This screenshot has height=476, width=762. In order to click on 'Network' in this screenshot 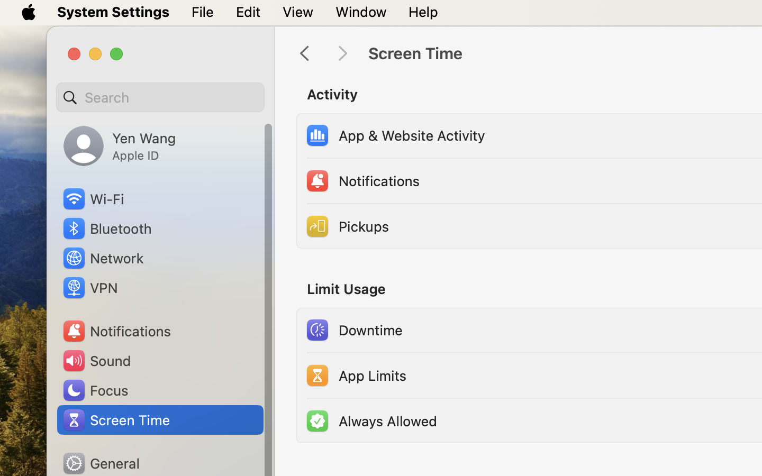, I will do `click(102, 257)`.